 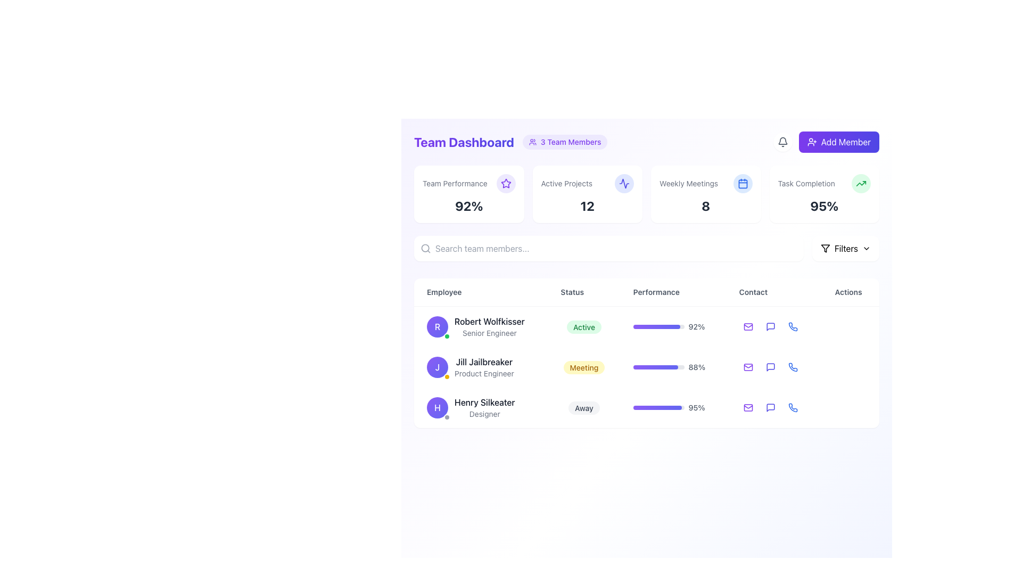 What do you see at coordinates (770, 407) in the screenshot?
I see `the communication button in the actions column of the third row to observe the hover effect` at bounding box center [770, 407].